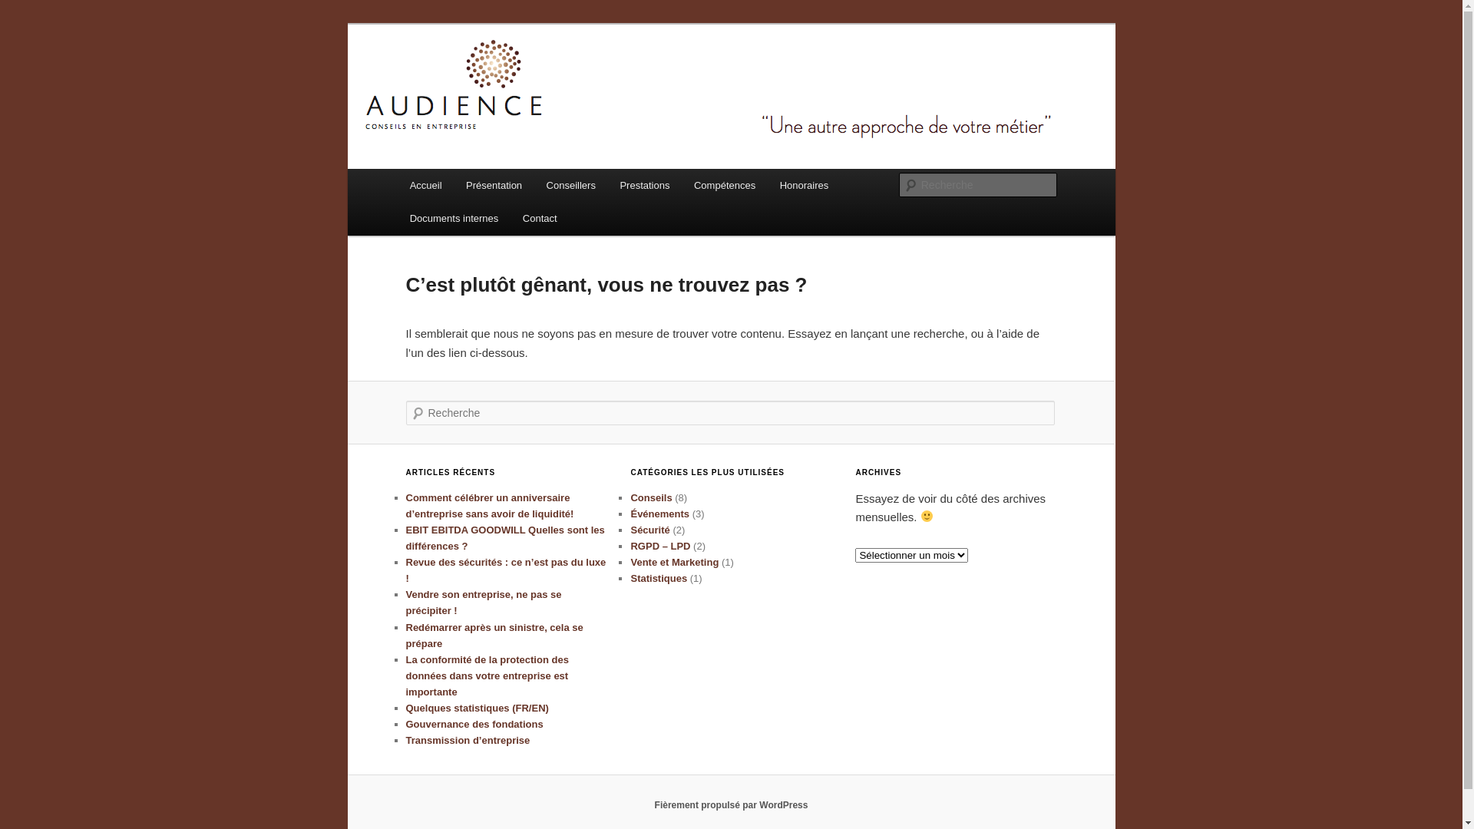  I want to click on 'Contact', so click(539, 218).